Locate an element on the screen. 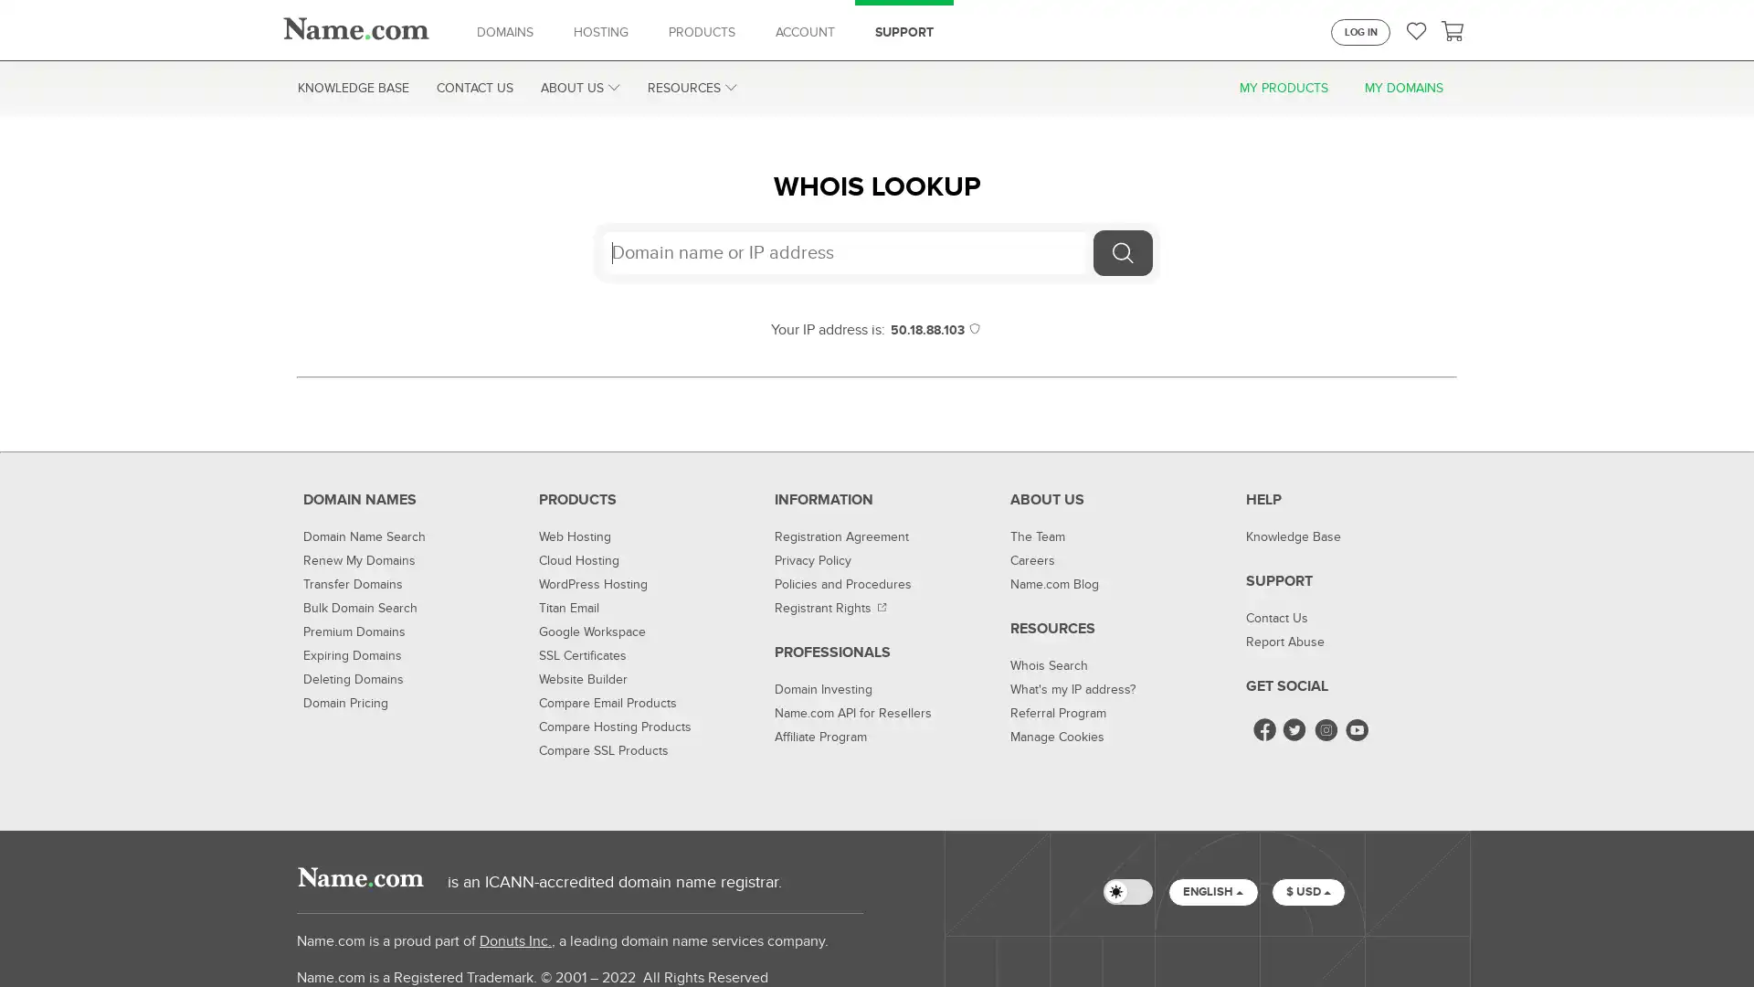  Close is located at coordinates (1723, 938).